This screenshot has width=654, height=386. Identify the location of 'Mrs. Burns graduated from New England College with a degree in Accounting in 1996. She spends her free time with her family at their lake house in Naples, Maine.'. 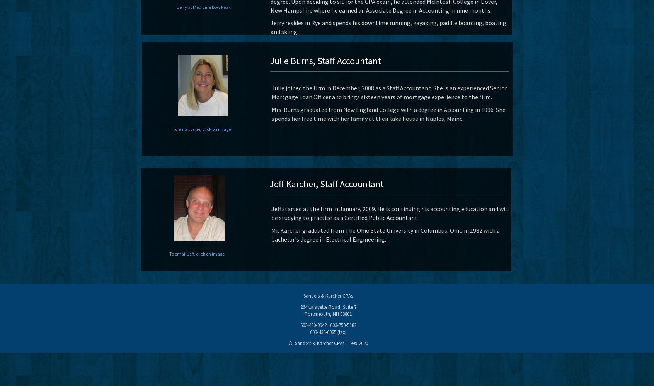
(388, 113).